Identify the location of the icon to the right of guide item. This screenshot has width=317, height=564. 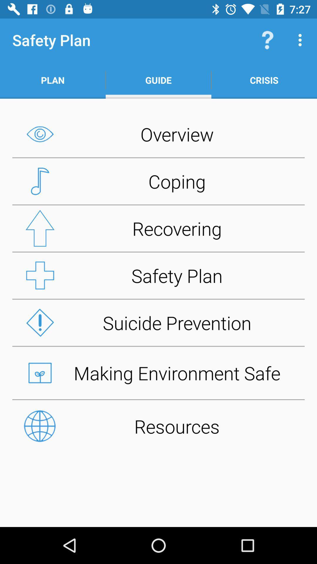
(264, 80).